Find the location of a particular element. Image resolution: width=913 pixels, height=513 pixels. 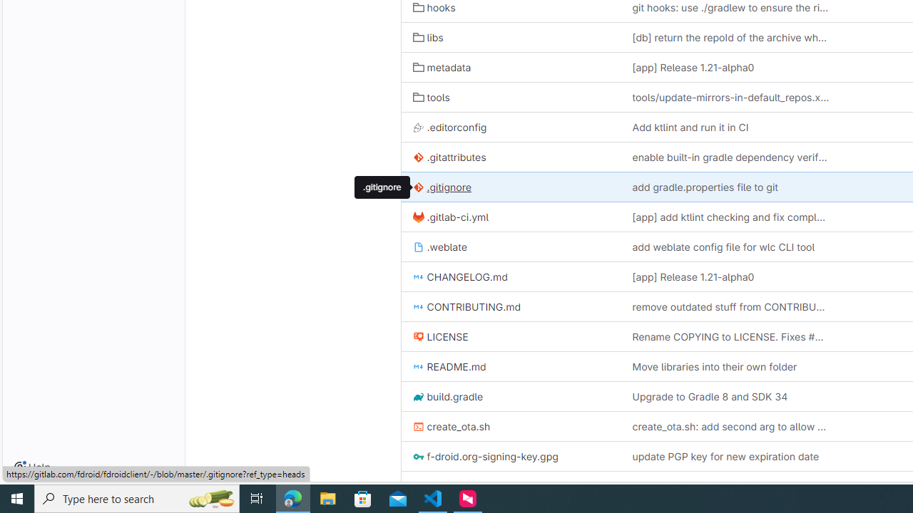

'Upgrade to Gradle 8 and SDK 34' is located at coordinates (710, 396).